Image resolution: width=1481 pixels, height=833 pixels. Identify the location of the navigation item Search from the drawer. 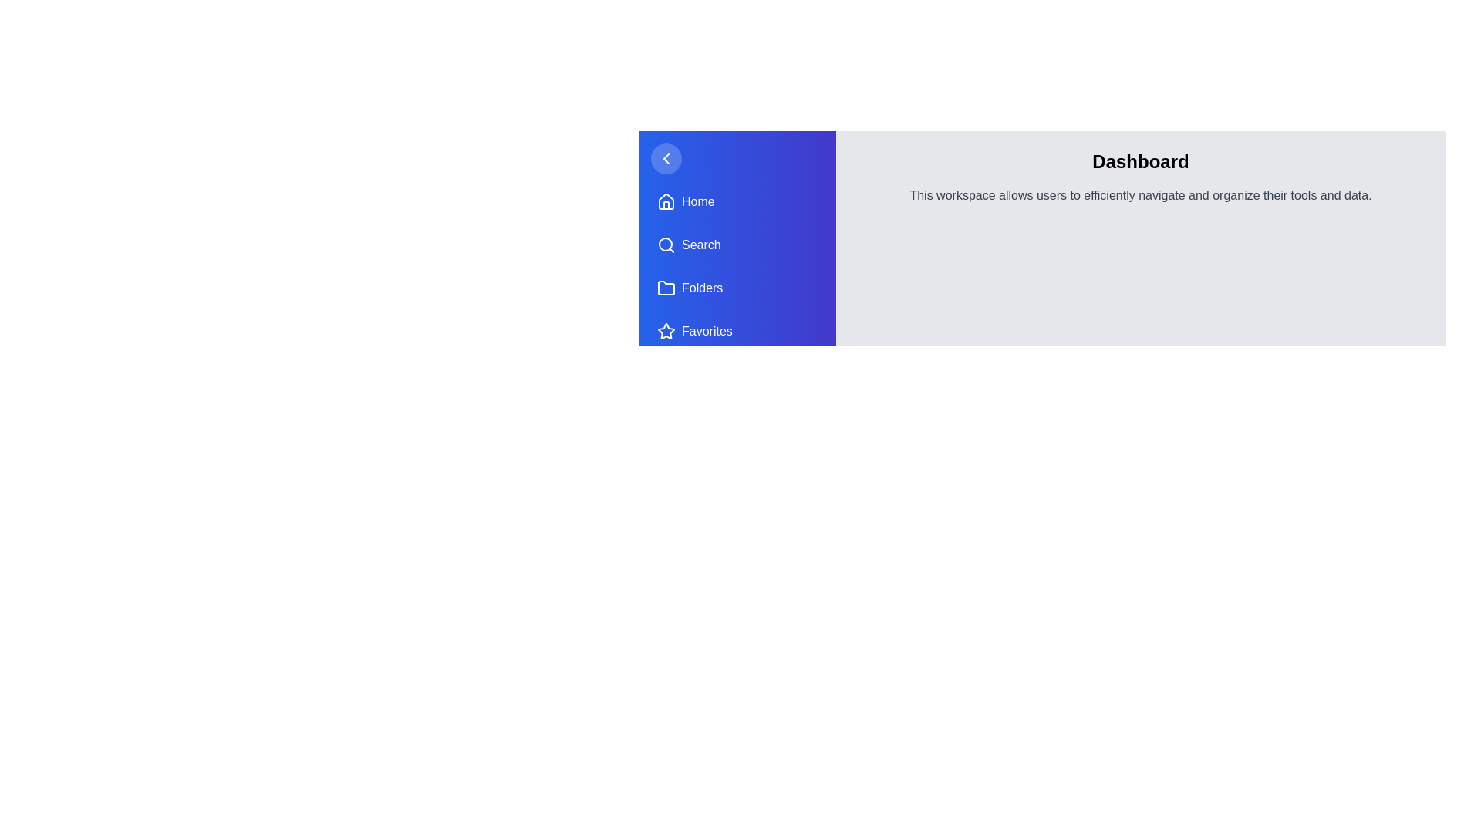
(736, 244).